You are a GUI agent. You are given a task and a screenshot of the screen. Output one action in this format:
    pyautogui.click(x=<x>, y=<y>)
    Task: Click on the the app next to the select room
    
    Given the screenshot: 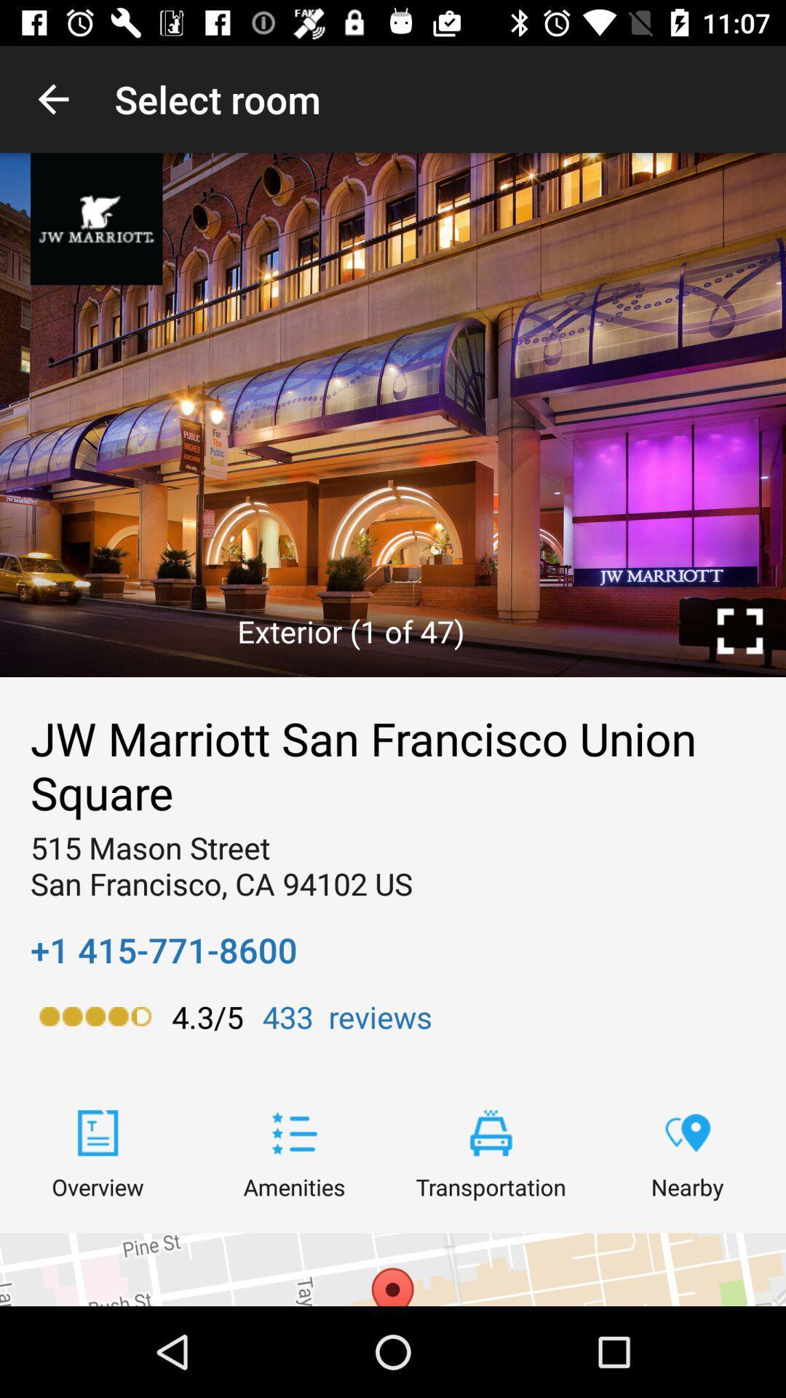 What is the action you would take?
    pyautogui.click(x=52, y=98)
    